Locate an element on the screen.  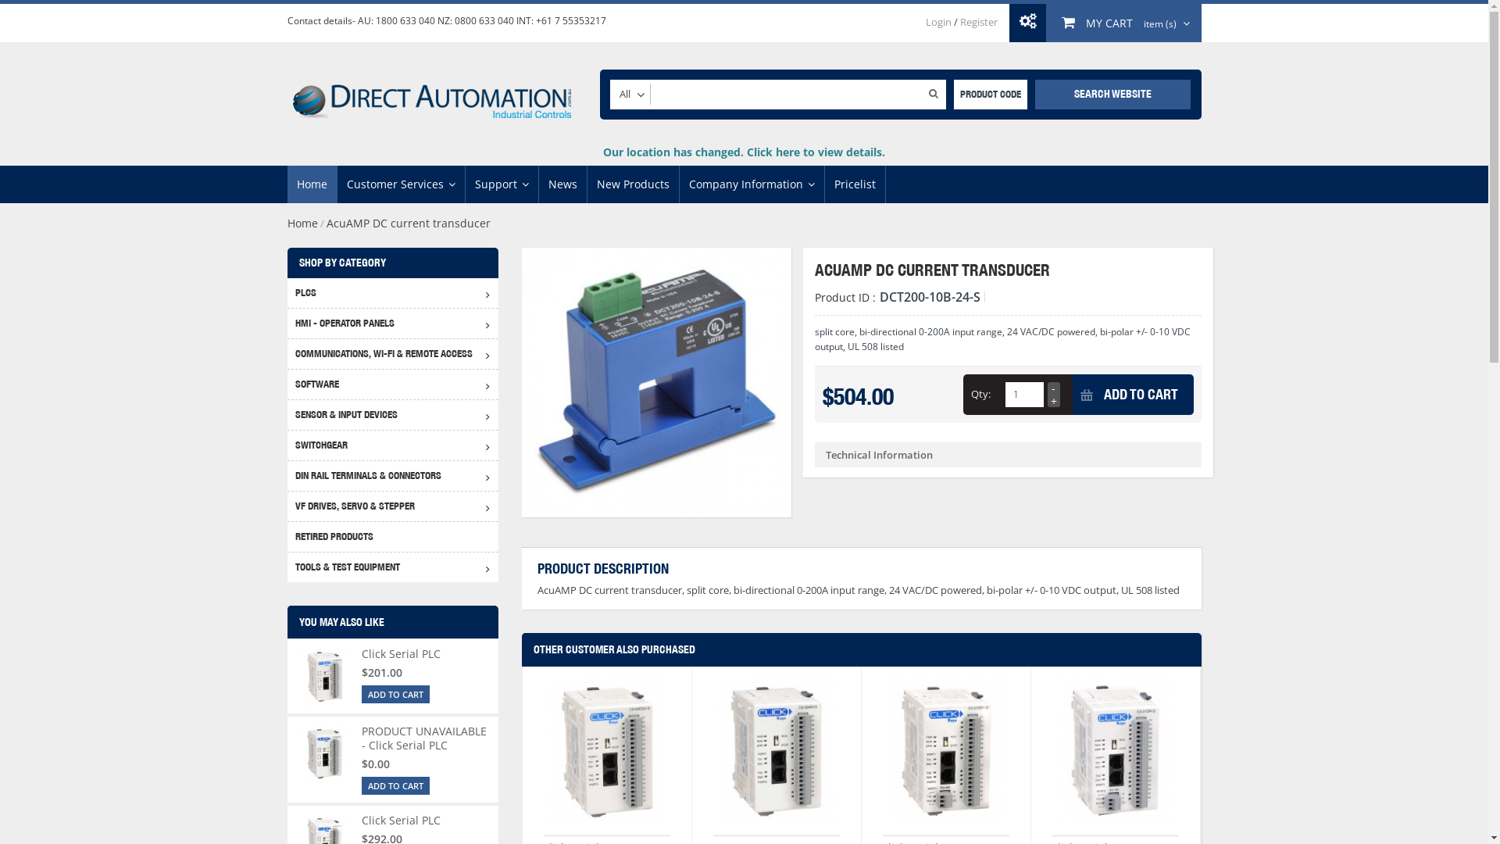
'Company Information' is located at coordinates (679, 183).